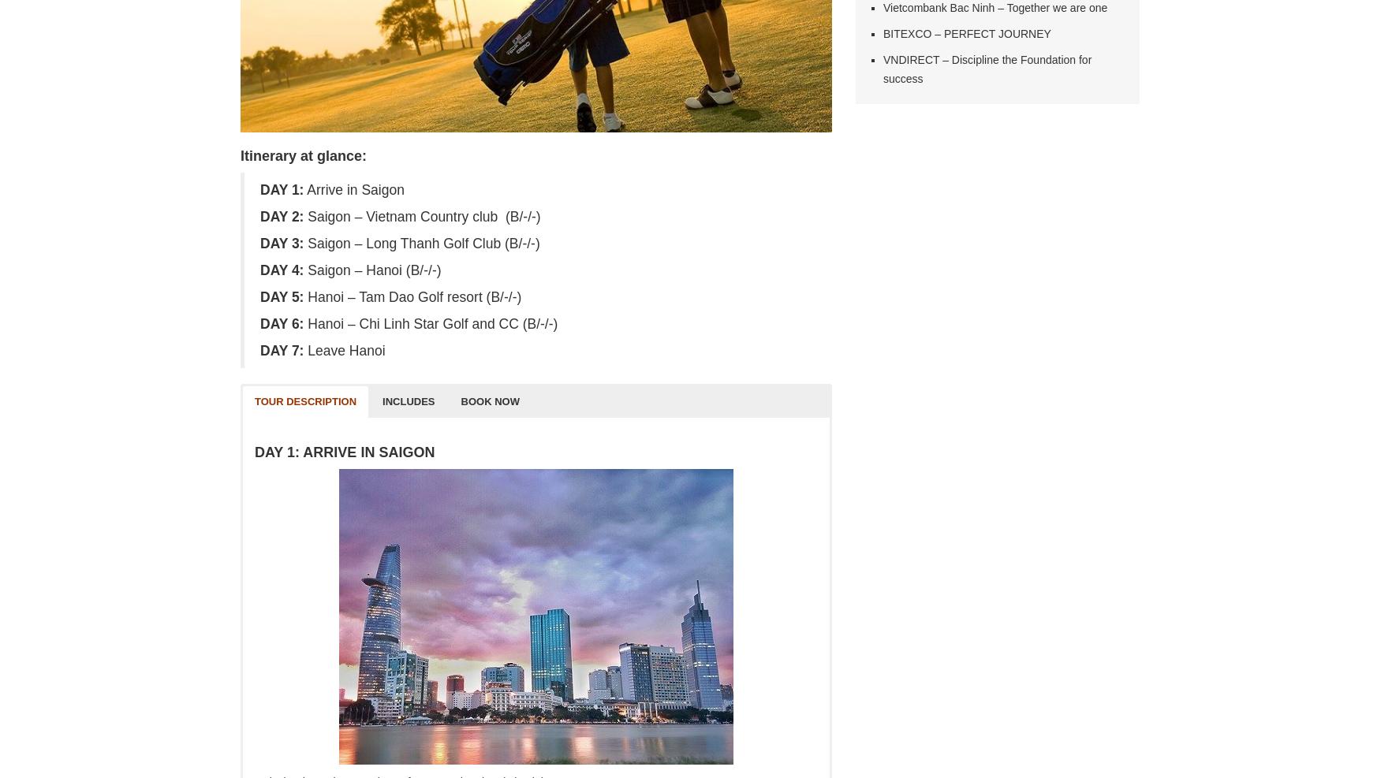 This screenshot has width=1392, height=778. Describe the element at coordinates (411, 297) in the screenshot. I see `'Hanoi – Tam Dao Golf resort (B/-/-)'` at that location.